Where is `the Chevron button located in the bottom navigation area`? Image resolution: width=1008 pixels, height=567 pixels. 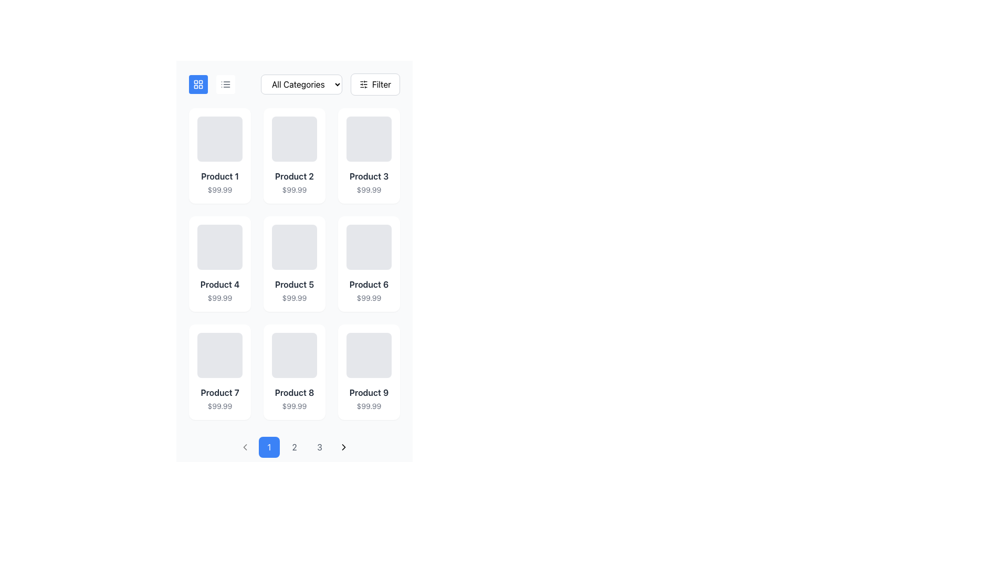 the Chevron button located in the bottom navigation area is located at coordinates (244, 447).